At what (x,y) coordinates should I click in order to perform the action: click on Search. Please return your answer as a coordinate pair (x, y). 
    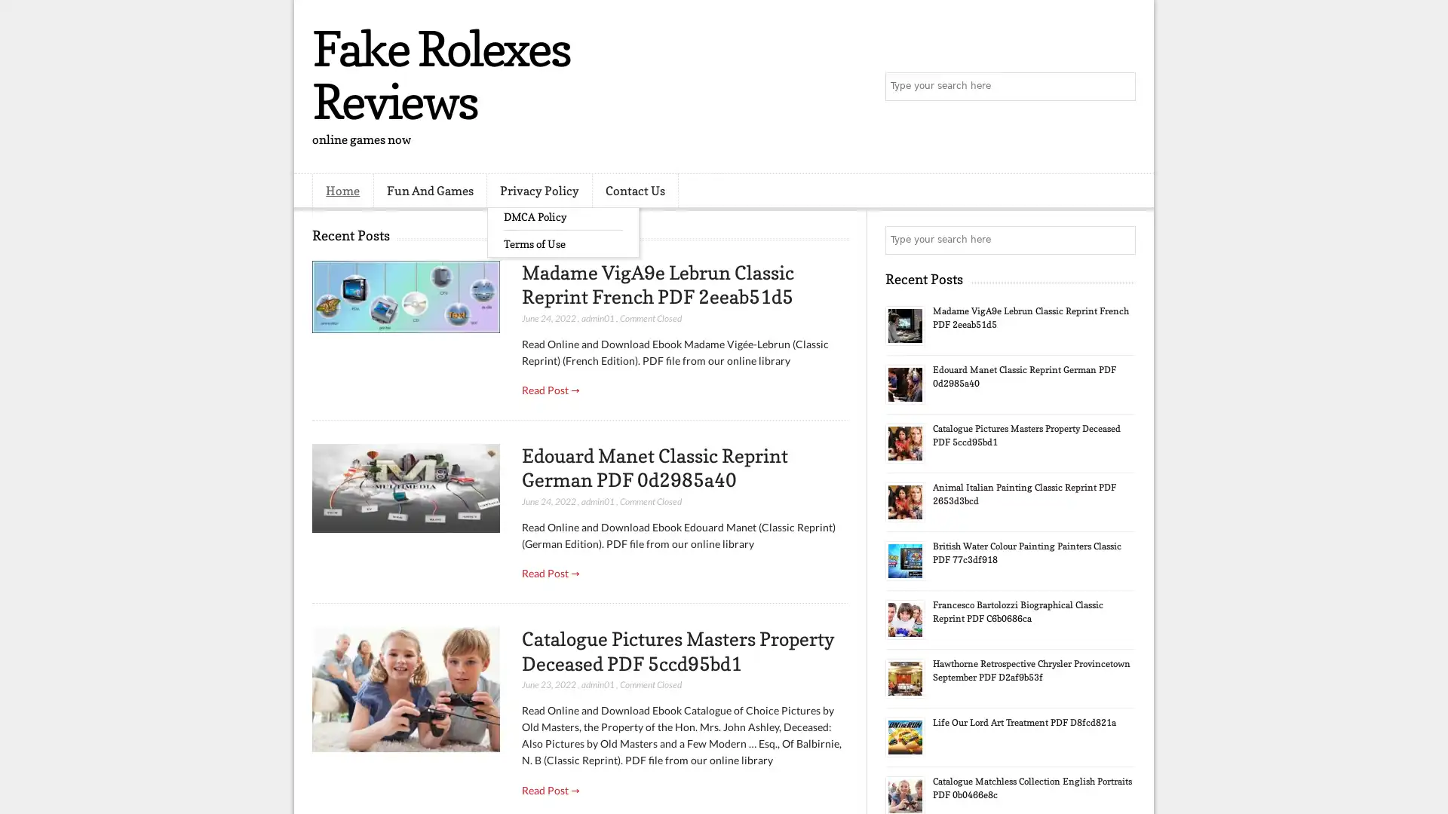
    Looking at the image, I should click on (1120, 87).